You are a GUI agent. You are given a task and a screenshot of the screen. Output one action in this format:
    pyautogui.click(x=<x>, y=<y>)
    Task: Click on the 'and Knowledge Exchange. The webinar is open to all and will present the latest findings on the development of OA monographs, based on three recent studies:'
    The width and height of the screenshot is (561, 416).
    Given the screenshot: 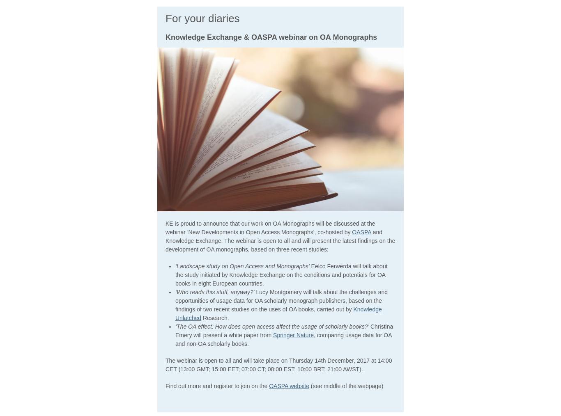 What is the action you would take?
    pyautogui.click(x=280, y=240)
    